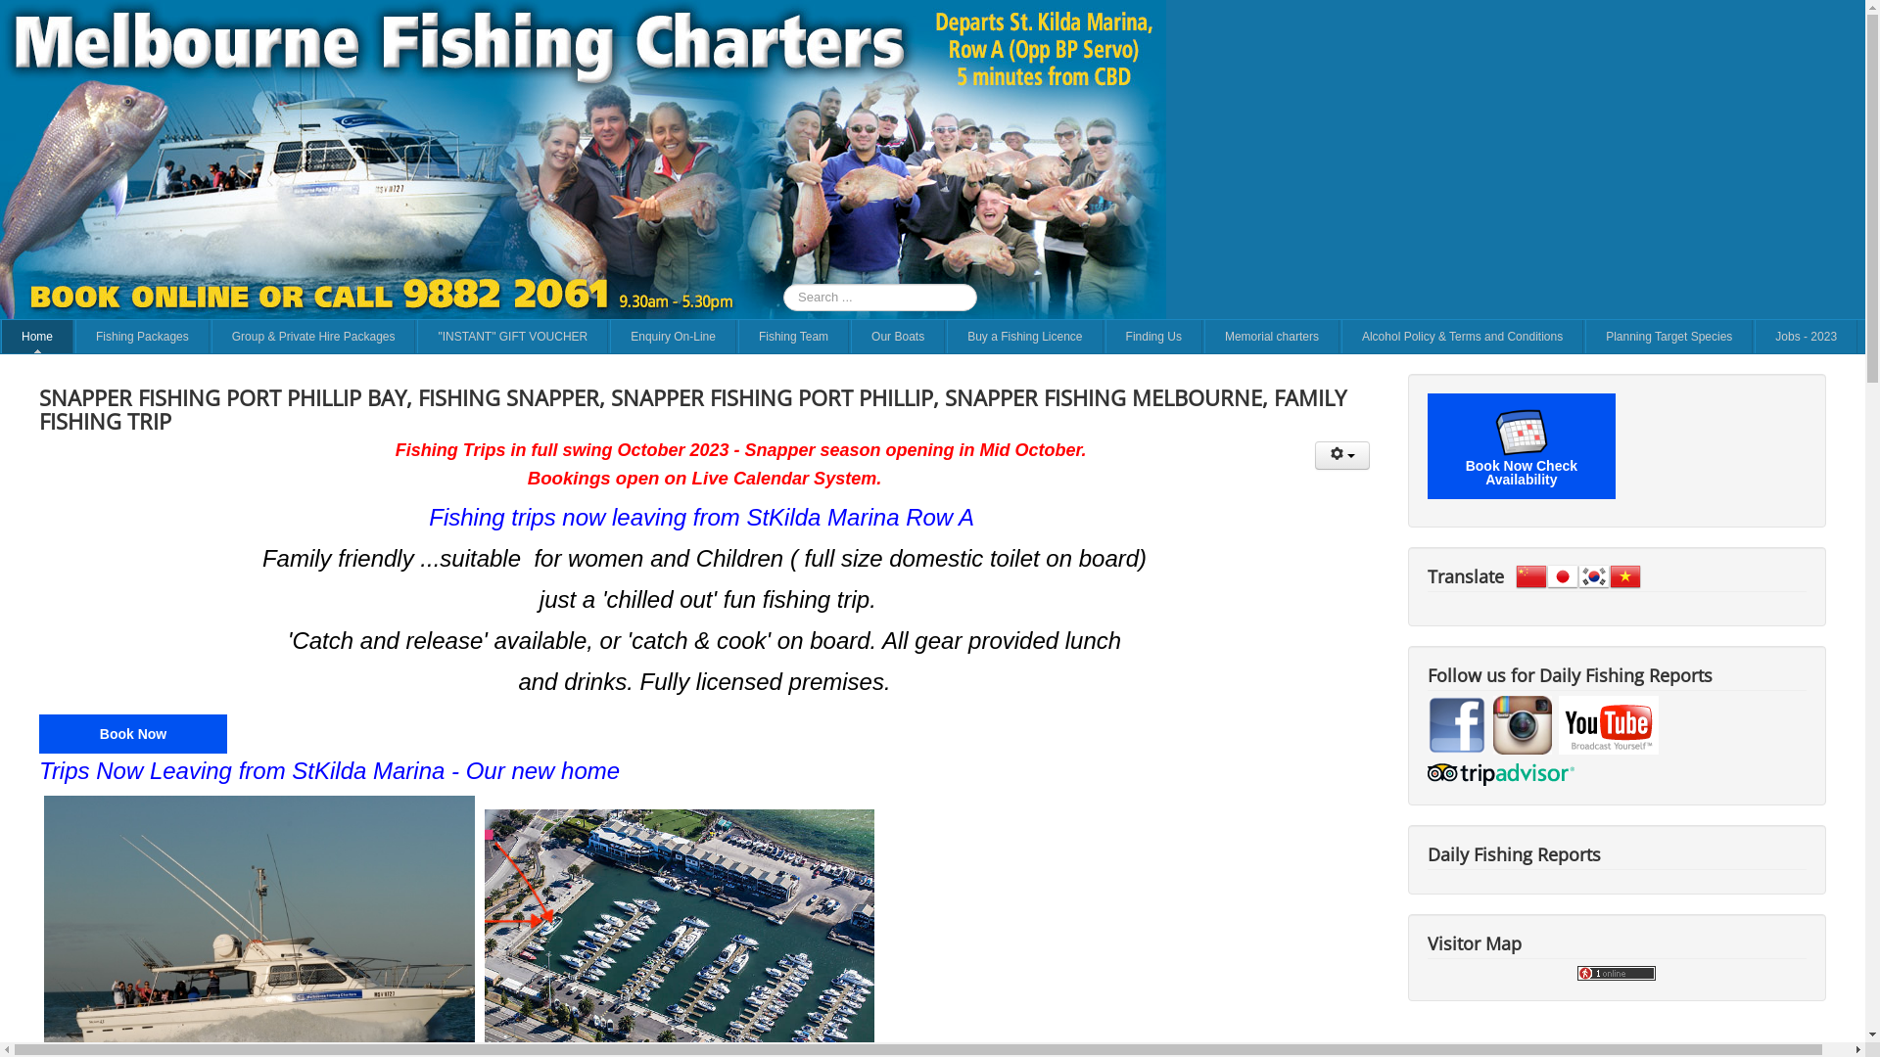 Image resolution: width=1880 pixels, height=1057 pixels. What do you see at coordinates (74, 335) in the screenshot?
I see `'Fishing Packages'` at bounding box center [74, 335].